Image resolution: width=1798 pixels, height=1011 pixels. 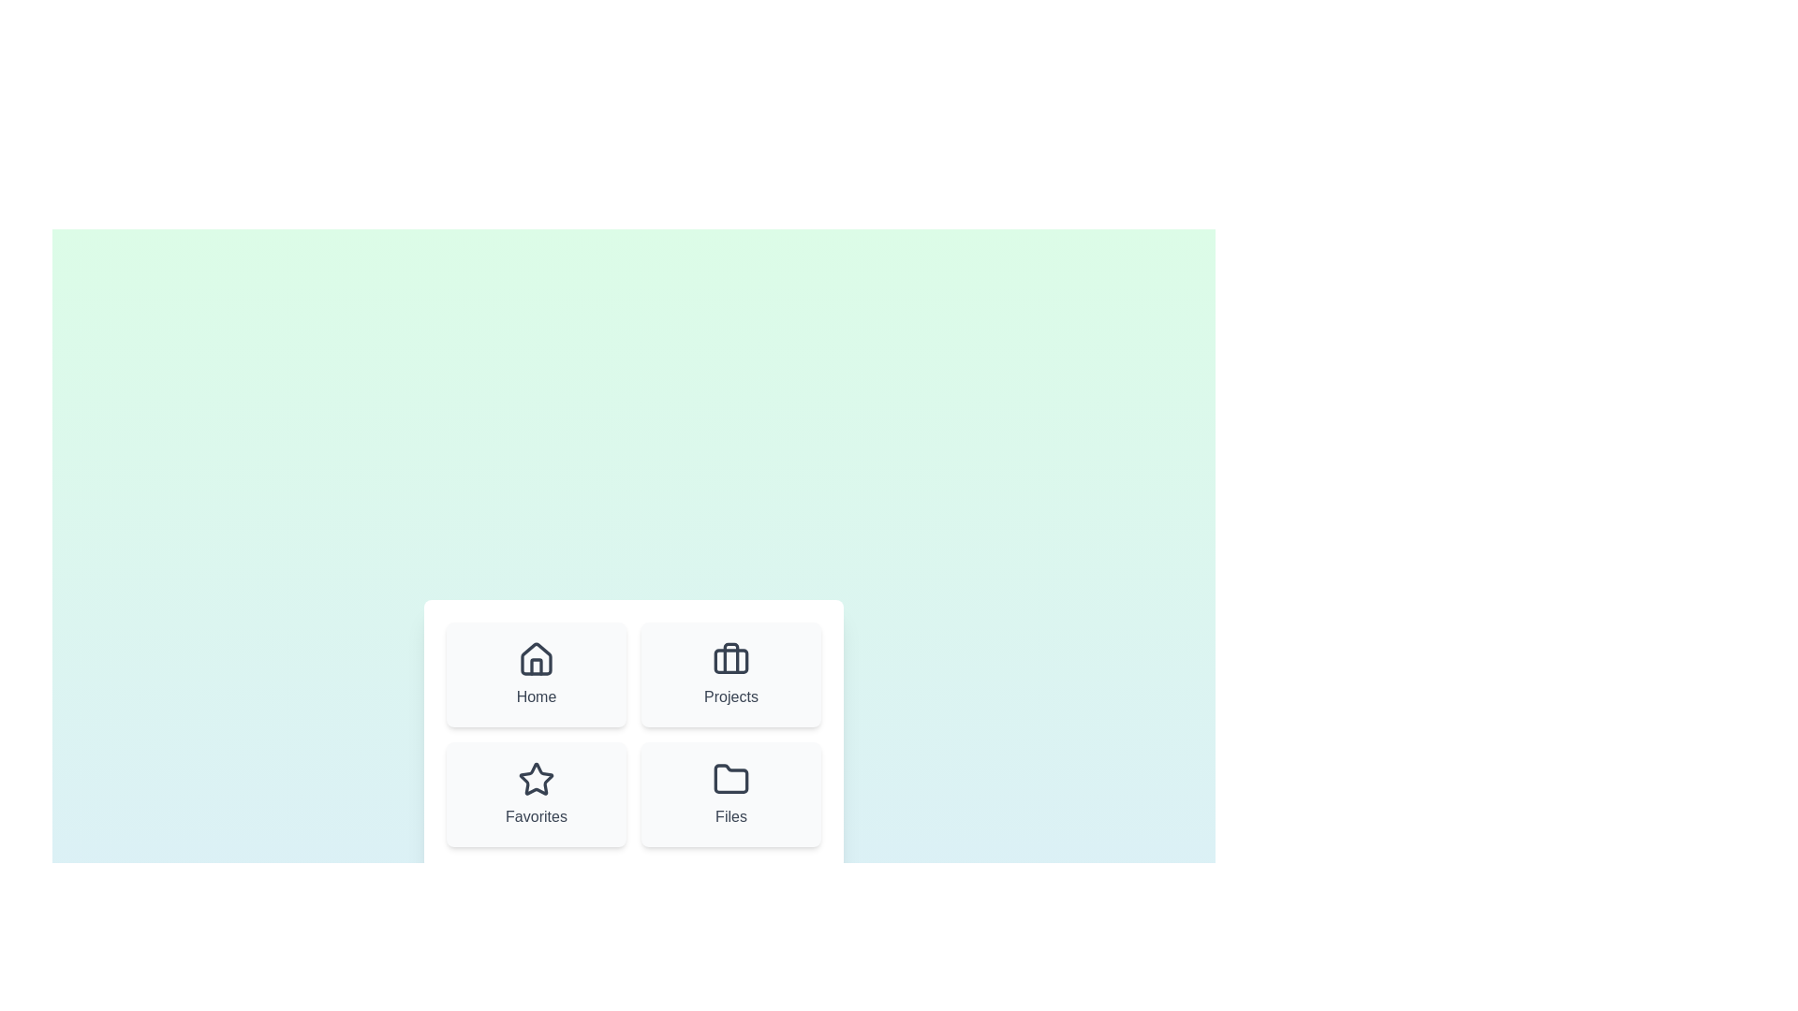 I want to click on the menu item labeled Home to activate it, so click(x=535, y=675).